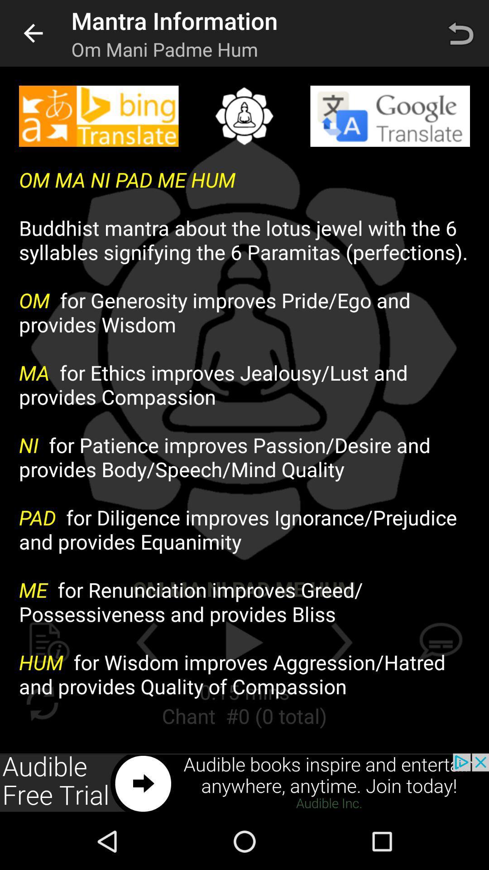 The height and width of the screenshot is (870, 489). What do you see at coordinates (342, 642) in the screenshot?
I see `the arrow_forward icon` at bounding box center [342, 642].